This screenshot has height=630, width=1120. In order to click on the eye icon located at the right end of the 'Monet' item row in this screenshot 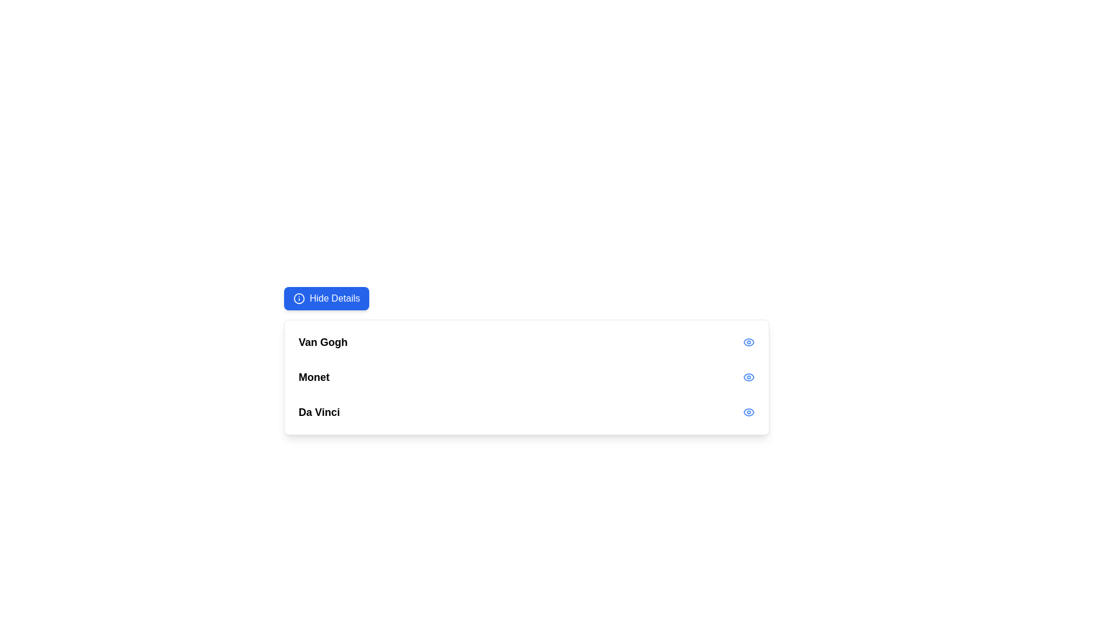, I will do `click(748, 377)`.